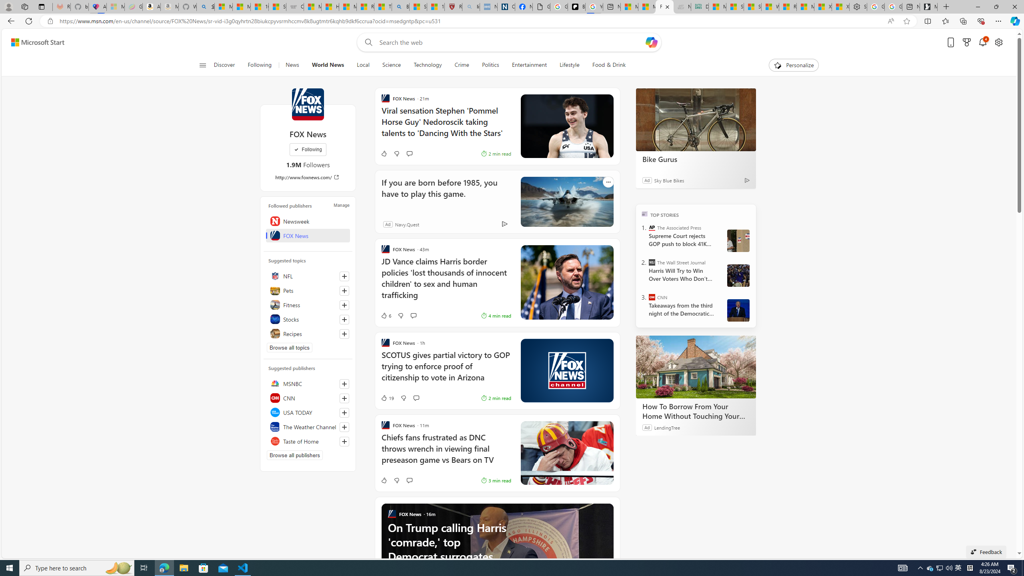 Image resolution: width=1024 pixels, height=576 pixels. I want to click on 'The Associated Press', so click(652, 227).